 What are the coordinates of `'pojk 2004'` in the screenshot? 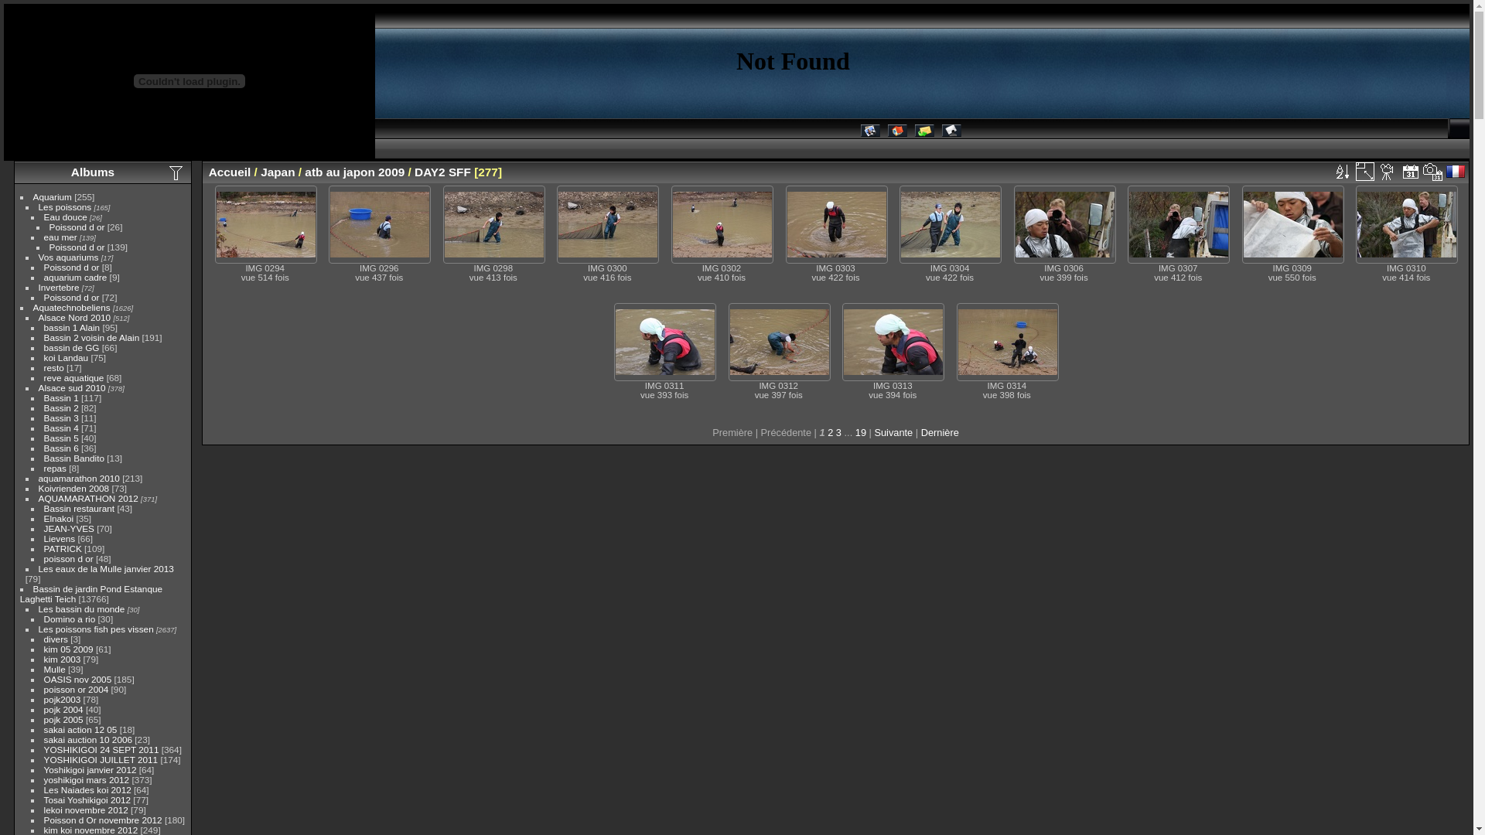 It's located at (63, 709).